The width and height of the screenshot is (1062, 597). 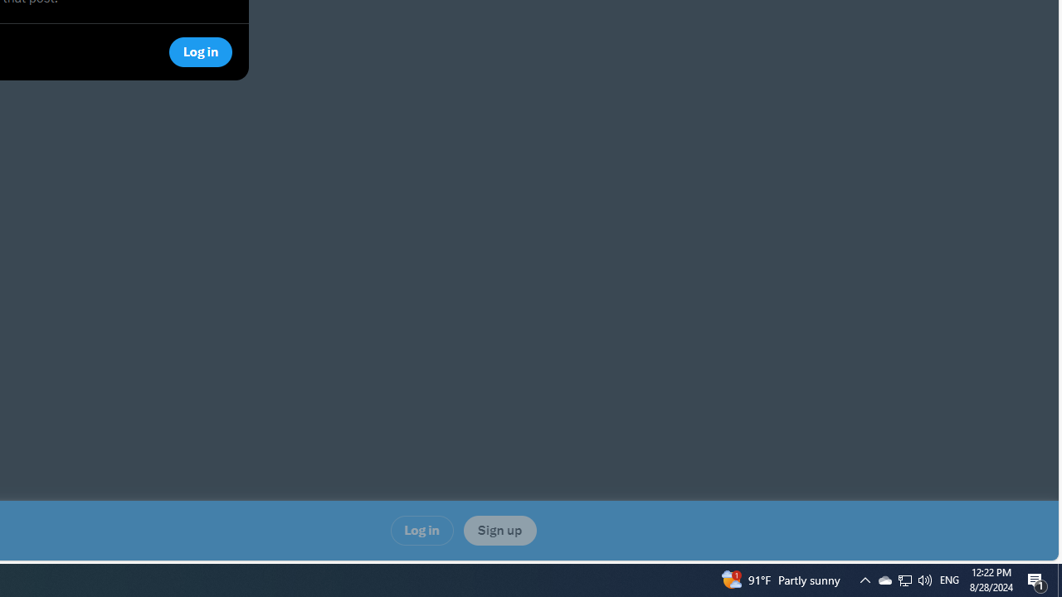 I want to click on 'Sign up', so click(x=499, y=531).